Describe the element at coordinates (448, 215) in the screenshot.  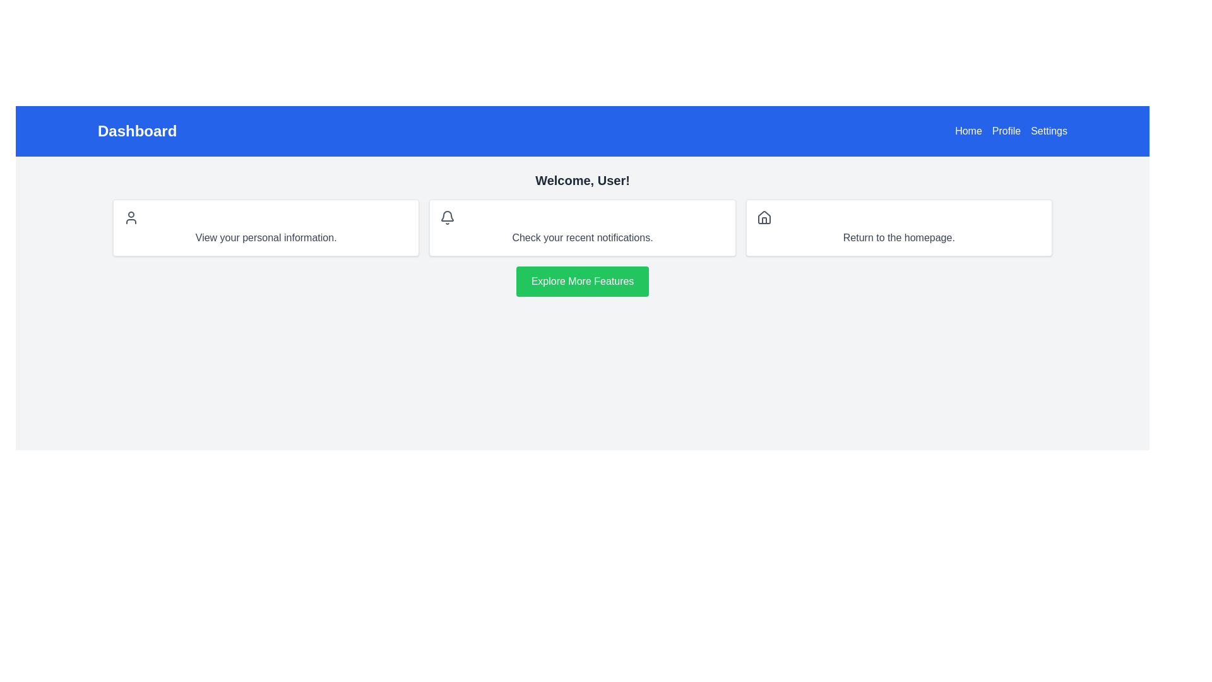
I see `the bell-shaped notification icon located in the middle card, positioned above the text 'Check your recent notifications'` at that location.